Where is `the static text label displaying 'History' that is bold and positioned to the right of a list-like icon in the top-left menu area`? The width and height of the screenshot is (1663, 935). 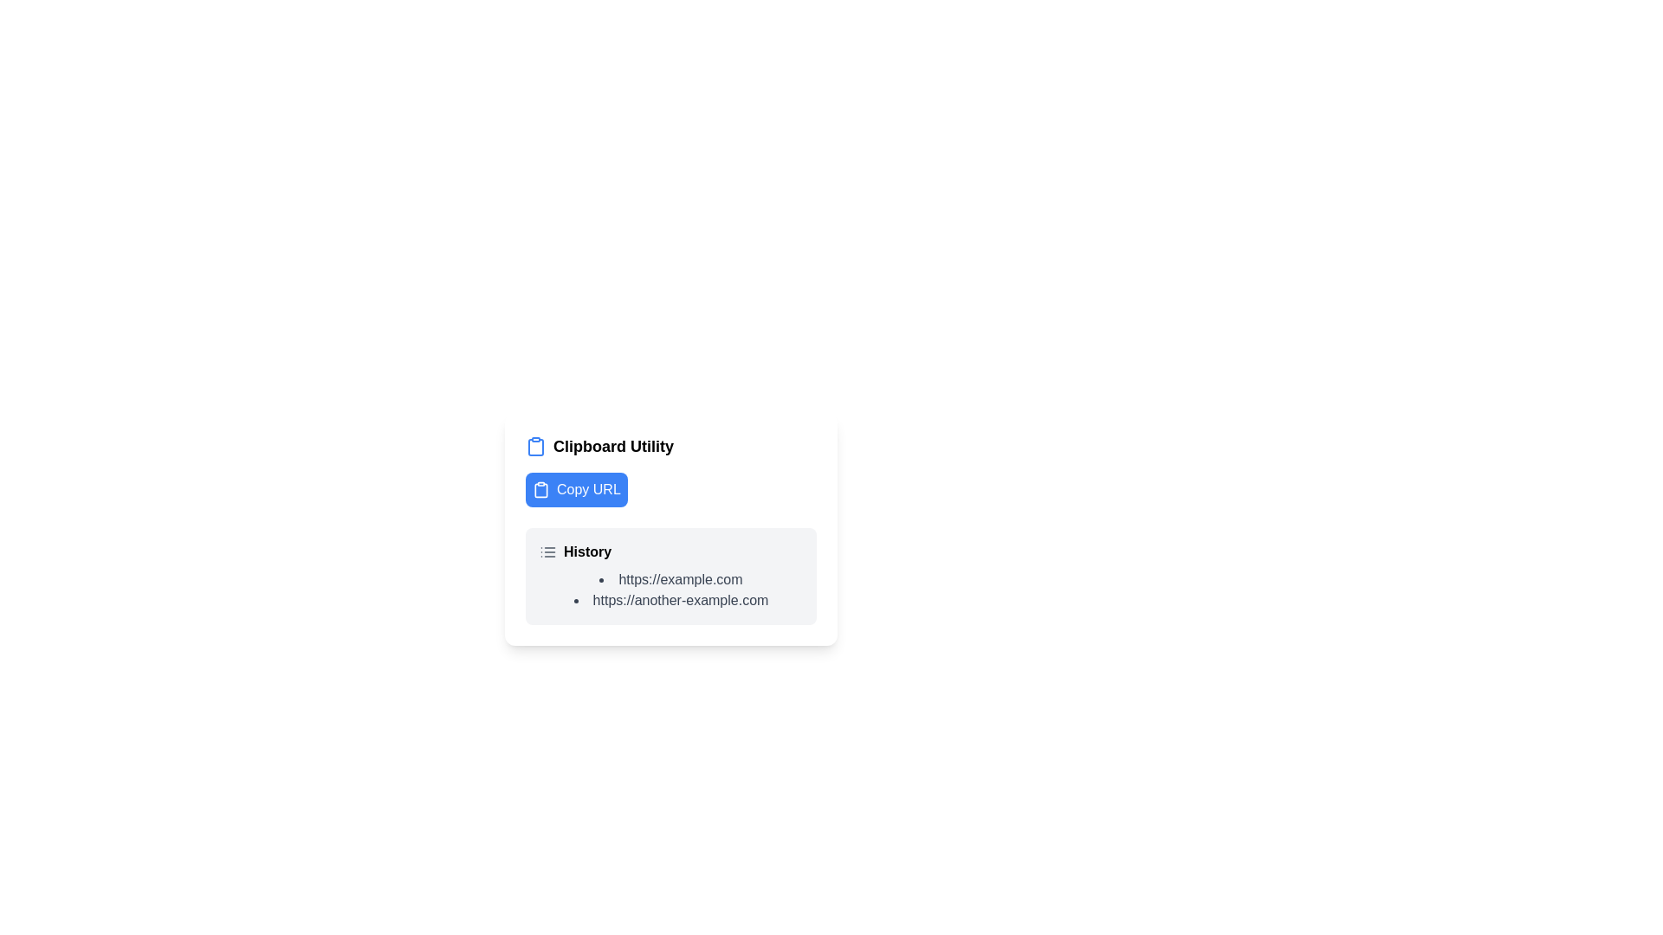
the static text label displaying 'History' that is bold and positioned to the right of a list-like icon in the top-left menu area is located at coordinates (587, 551).